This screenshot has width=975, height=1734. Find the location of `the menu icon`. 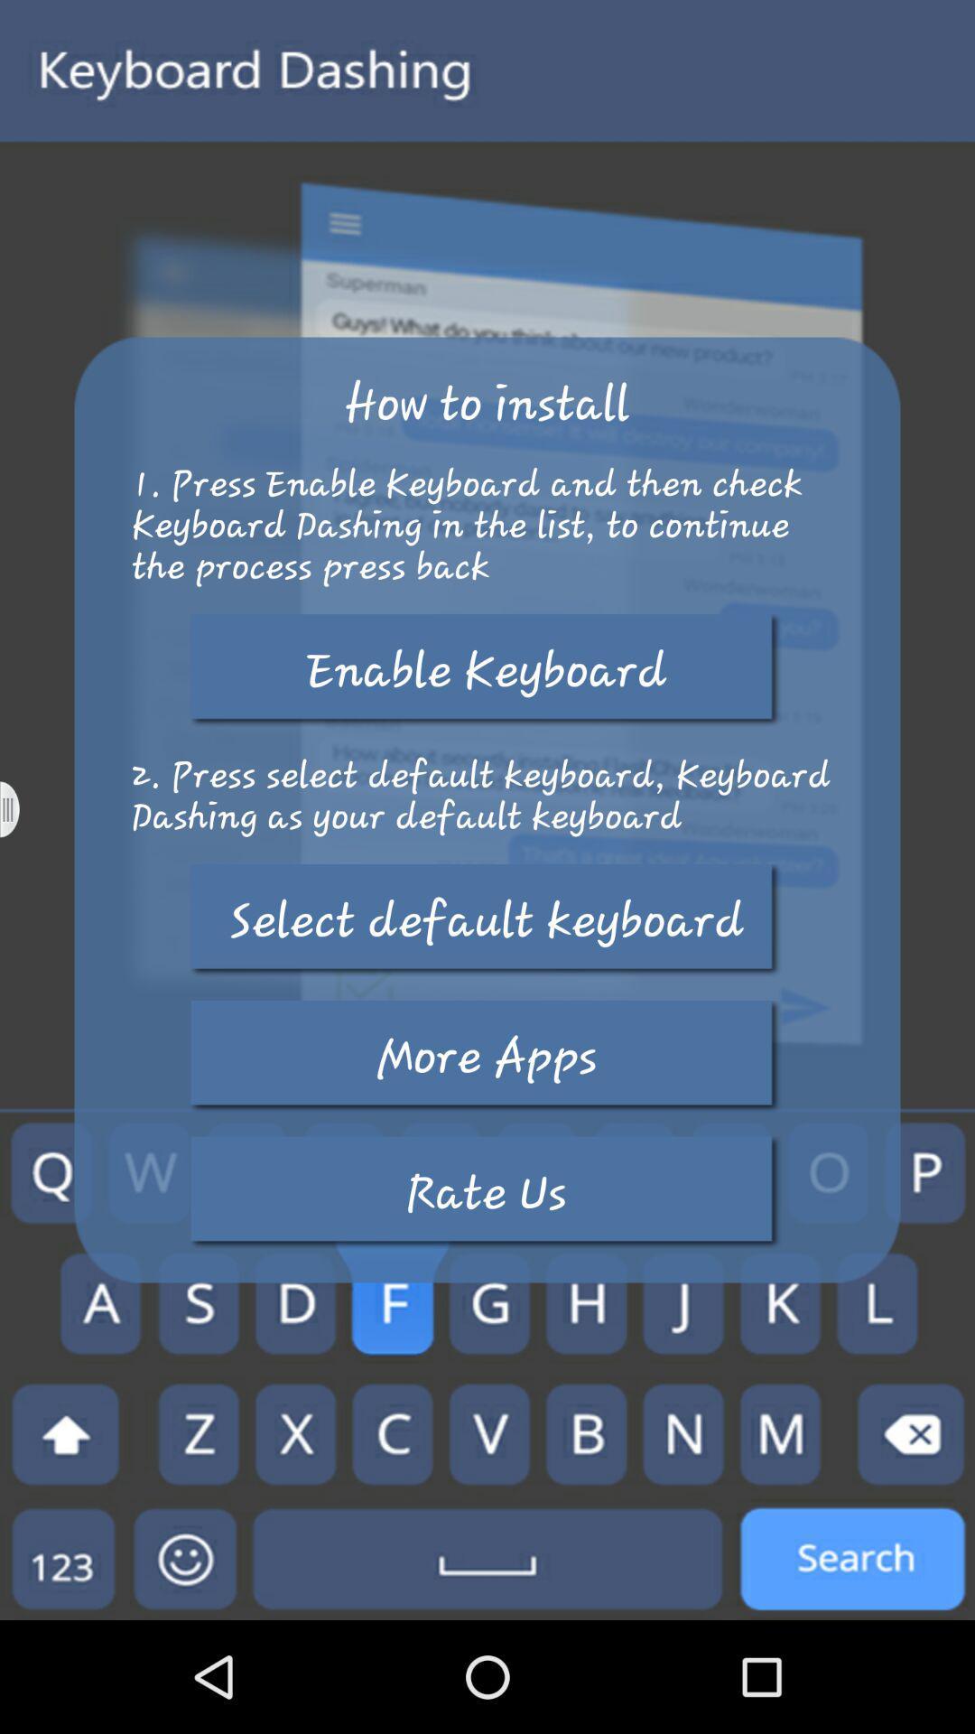

the menu icon is located at coordinates (21, 865).